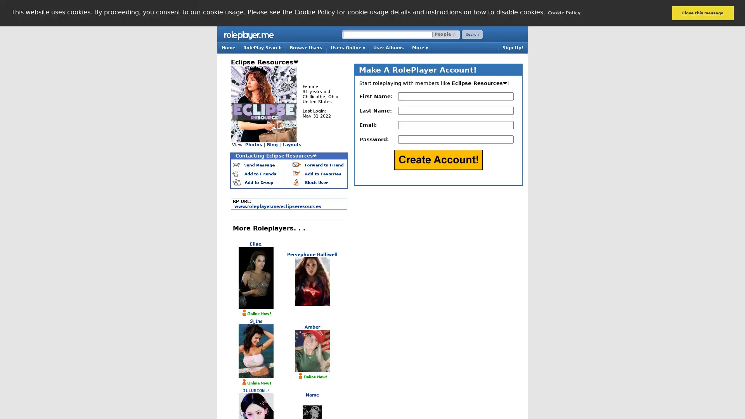  I want to click on Search, so click(472, 34).